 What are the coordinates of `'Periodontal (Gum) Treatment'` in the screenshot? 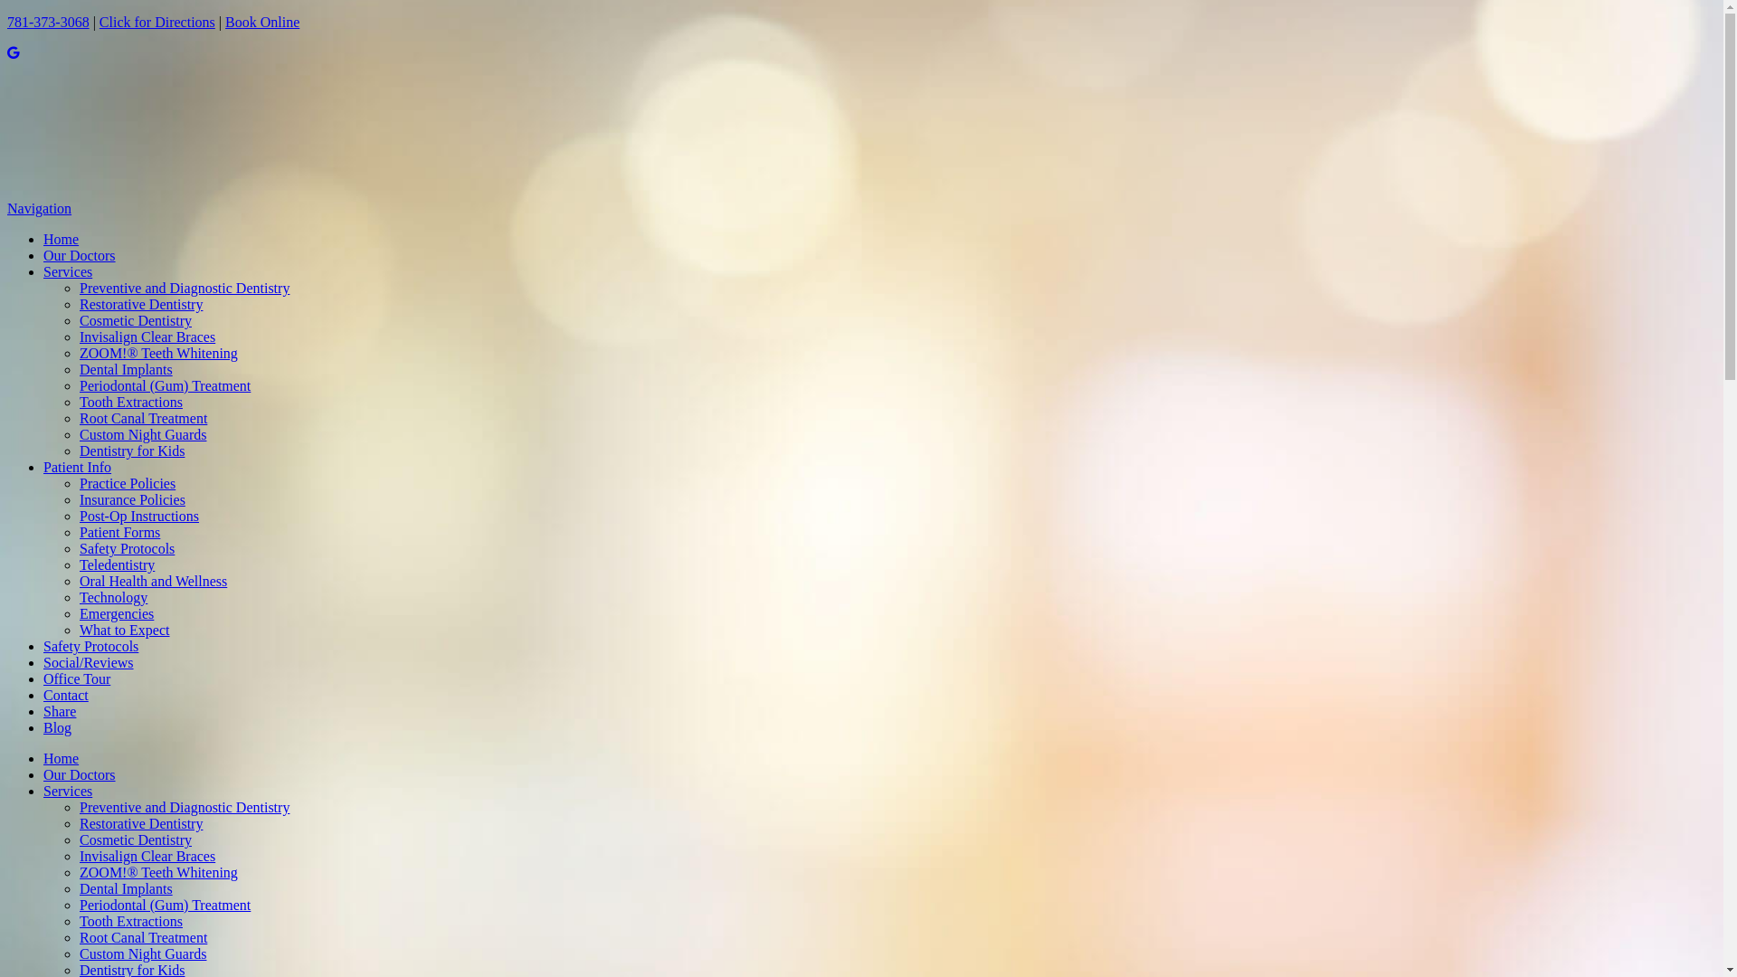 It's located at (165, 384).